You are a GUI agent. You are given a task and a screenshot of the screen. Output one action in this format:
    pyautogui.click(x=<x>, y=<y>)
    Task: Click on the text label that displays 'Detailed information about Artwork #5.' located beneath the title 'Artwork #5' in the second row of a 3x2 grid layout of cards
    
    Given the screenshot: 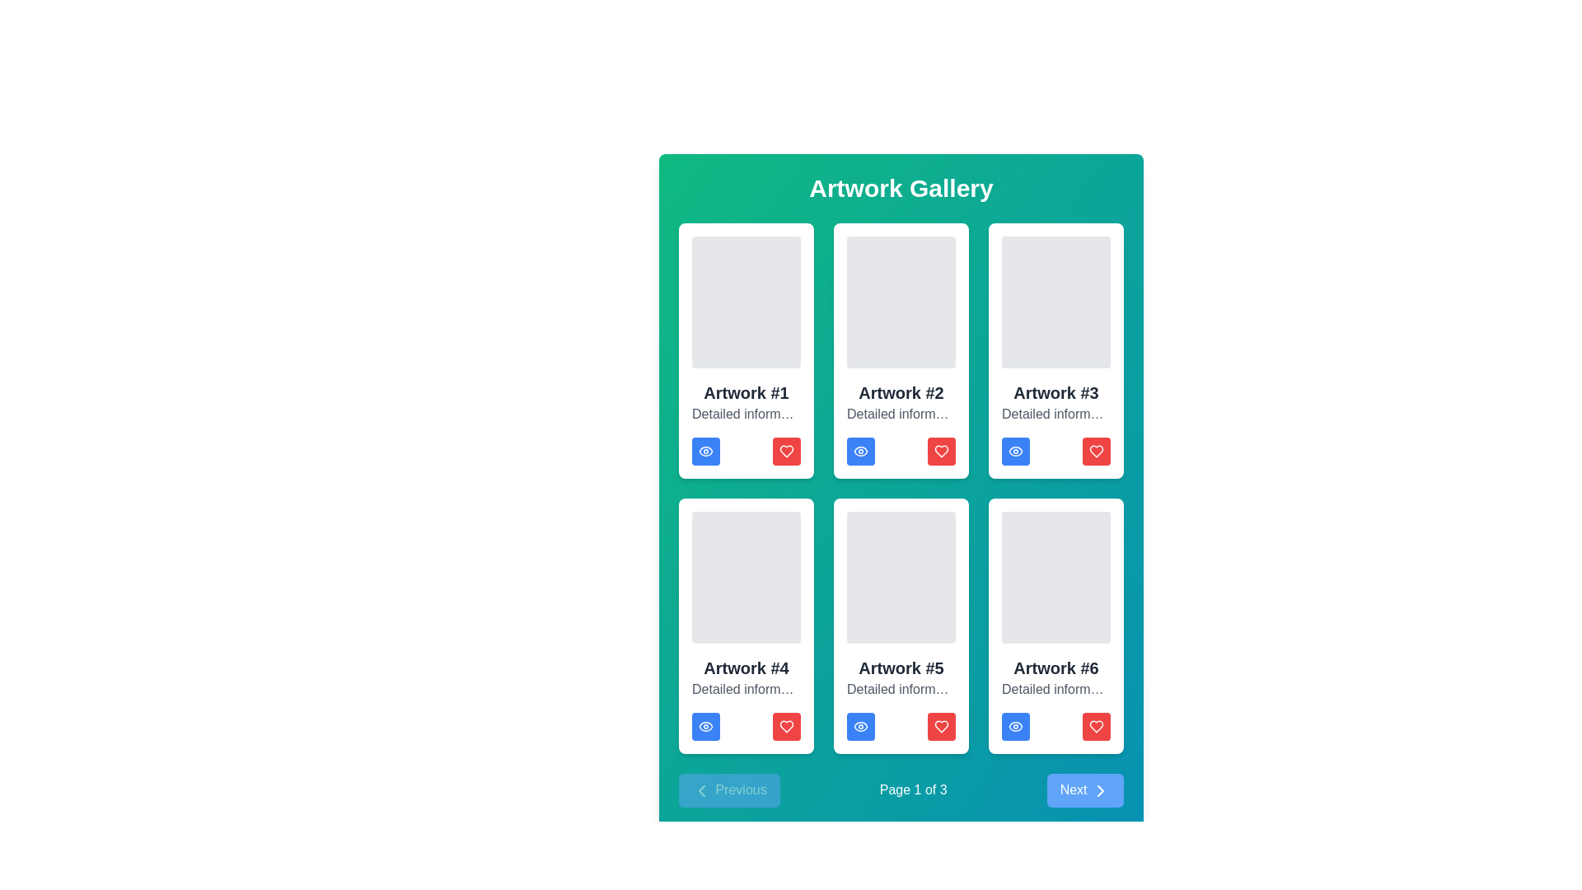 What is the action you would take?
    pyautogui.click(x=901, y=690)
    